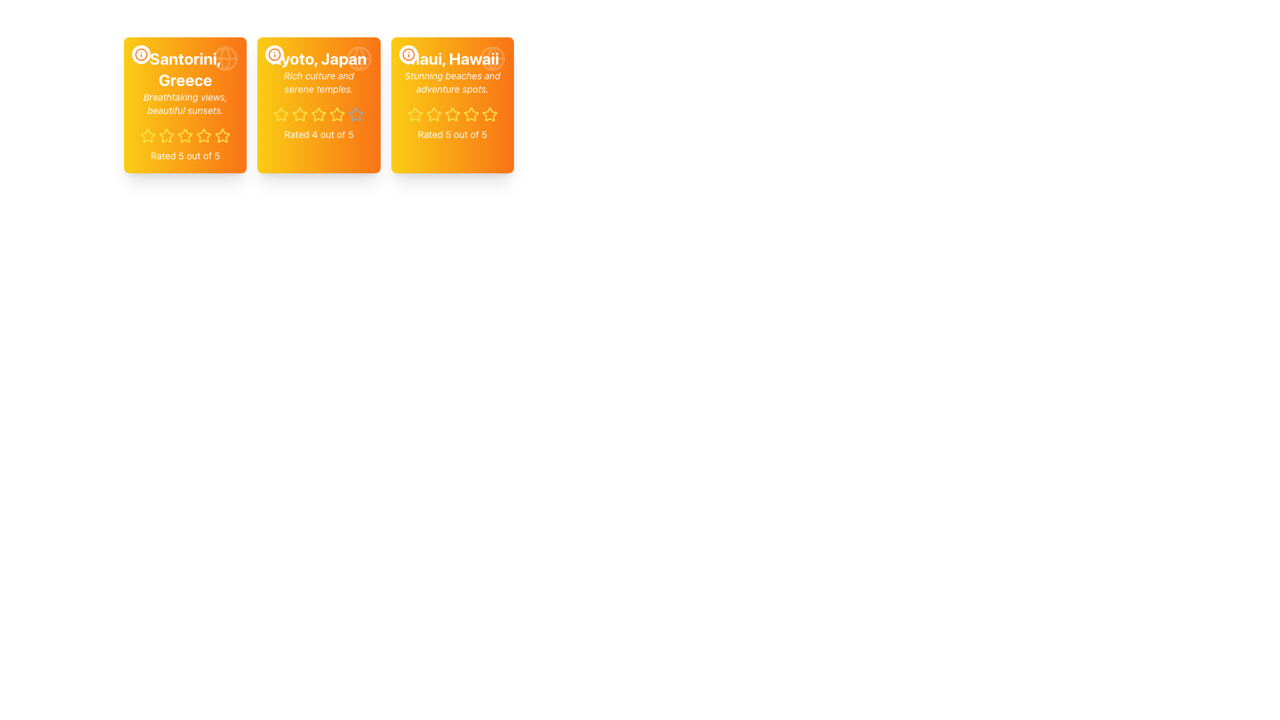  I want to click on the filled yellow star icon, which is the second star in the rating section of the Kyoto, Japan card, so click(299, 113).